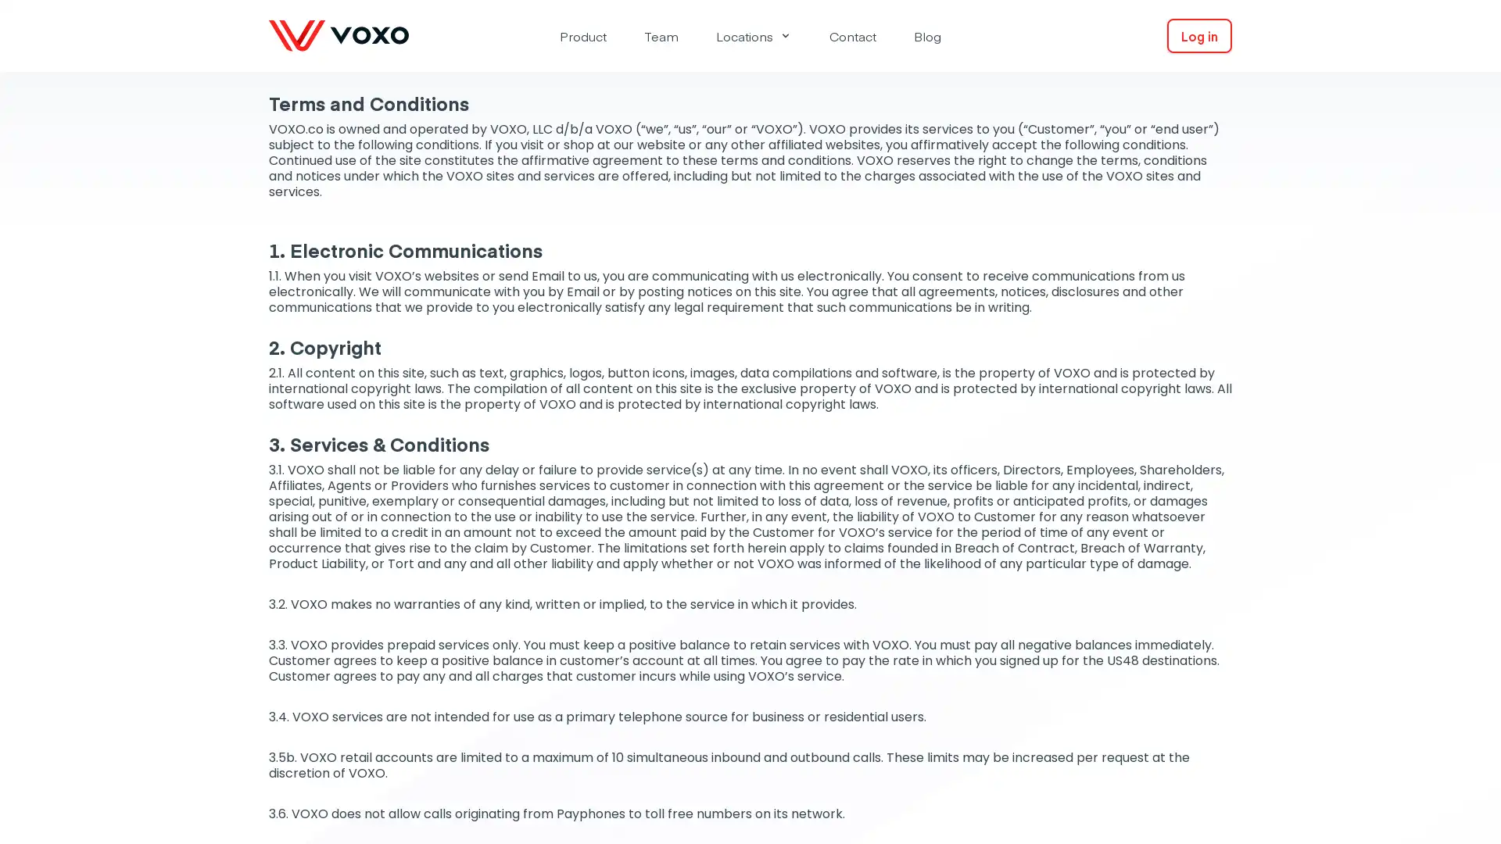  I want to click on Locations, so click(754, 35).